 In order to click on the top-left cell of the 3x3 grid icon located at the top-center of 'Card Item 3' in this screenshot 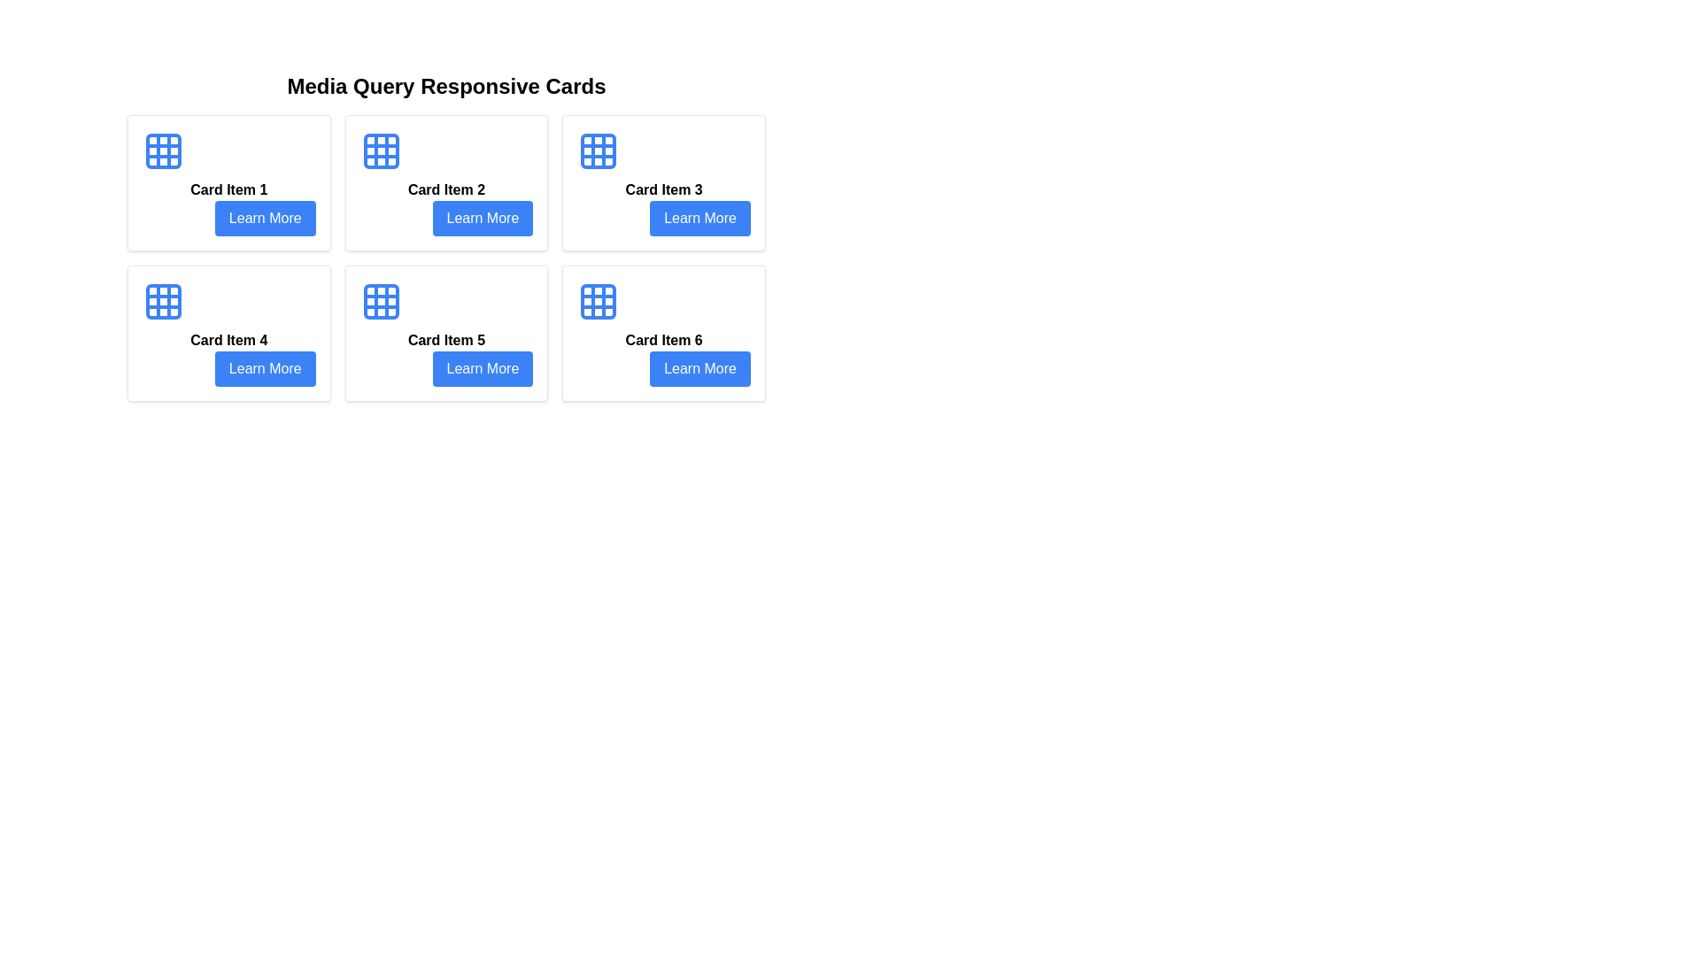, I will do `click(599, 150)`.